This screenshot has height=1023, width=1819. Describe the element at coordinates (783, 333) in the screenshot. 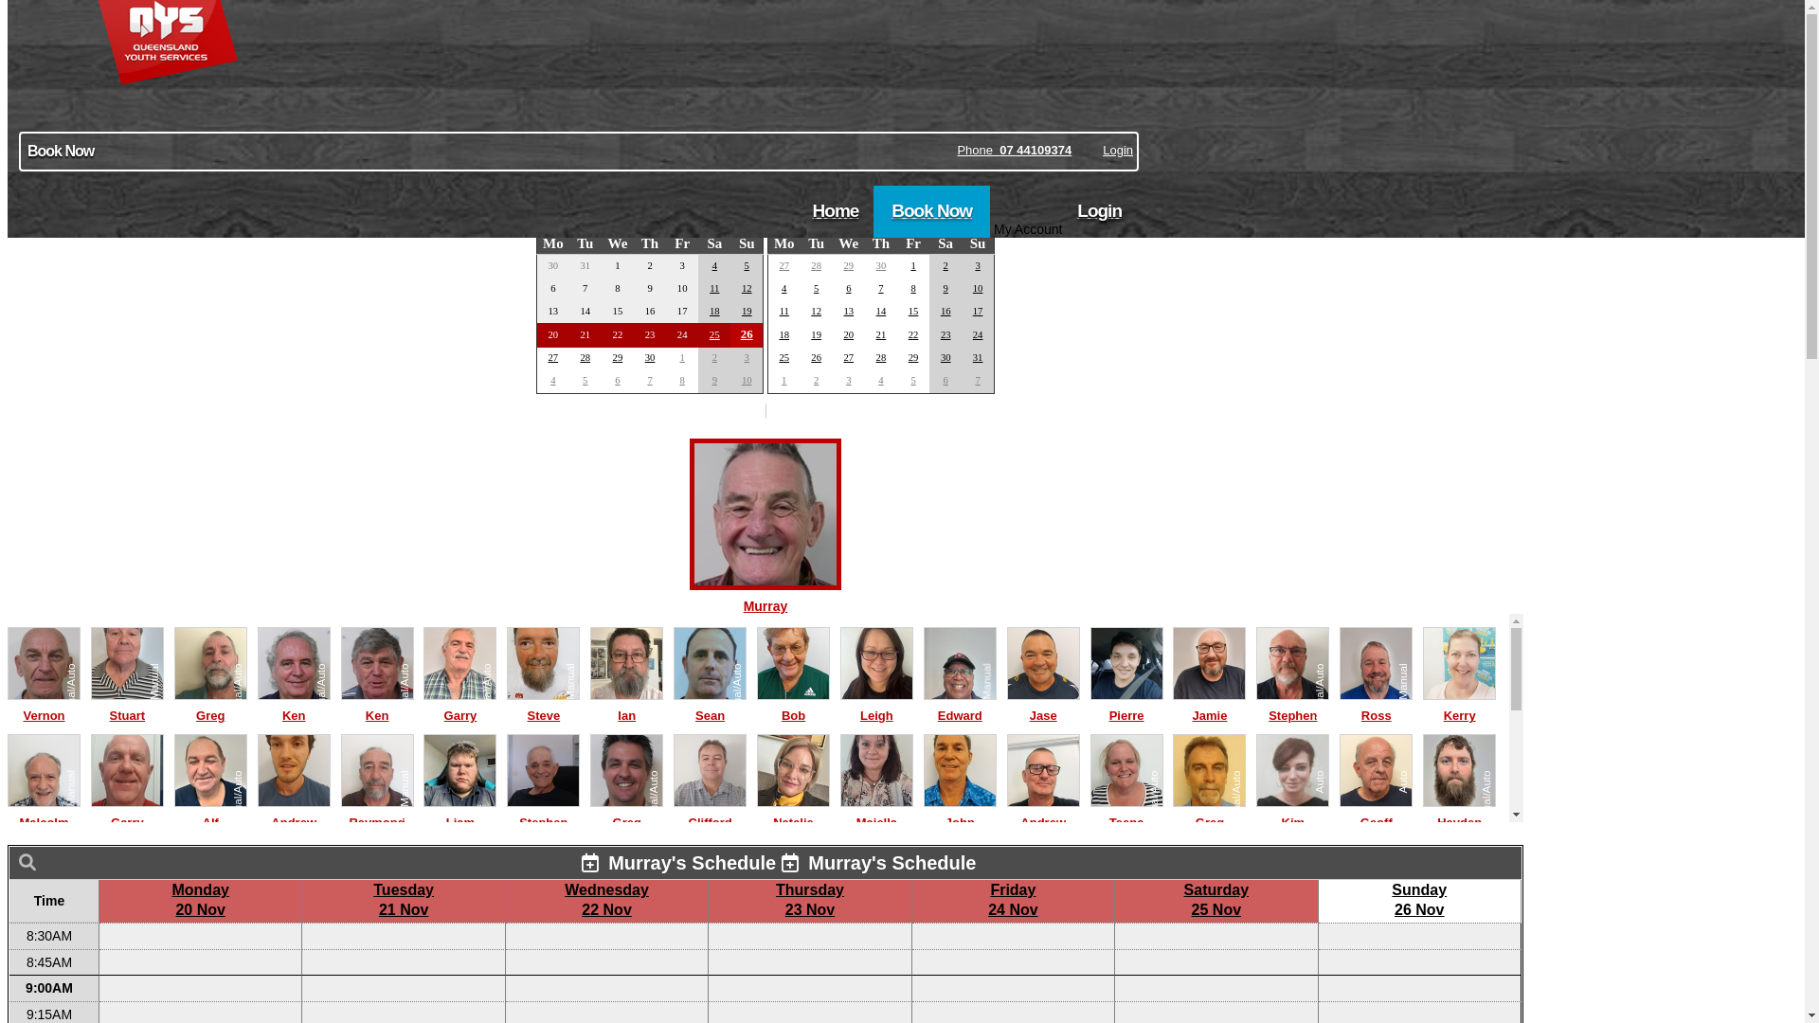

I see `'18'` at that location.